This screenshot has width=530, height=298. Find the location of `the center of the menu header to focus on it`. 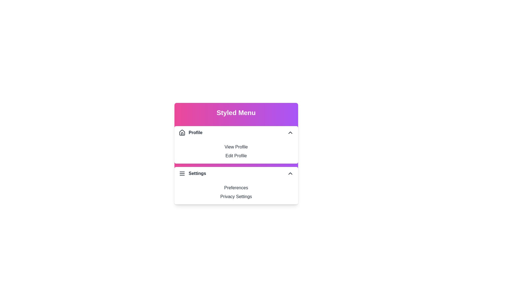

the center of the menu header to focus on it is located at coordinates (236, 112).